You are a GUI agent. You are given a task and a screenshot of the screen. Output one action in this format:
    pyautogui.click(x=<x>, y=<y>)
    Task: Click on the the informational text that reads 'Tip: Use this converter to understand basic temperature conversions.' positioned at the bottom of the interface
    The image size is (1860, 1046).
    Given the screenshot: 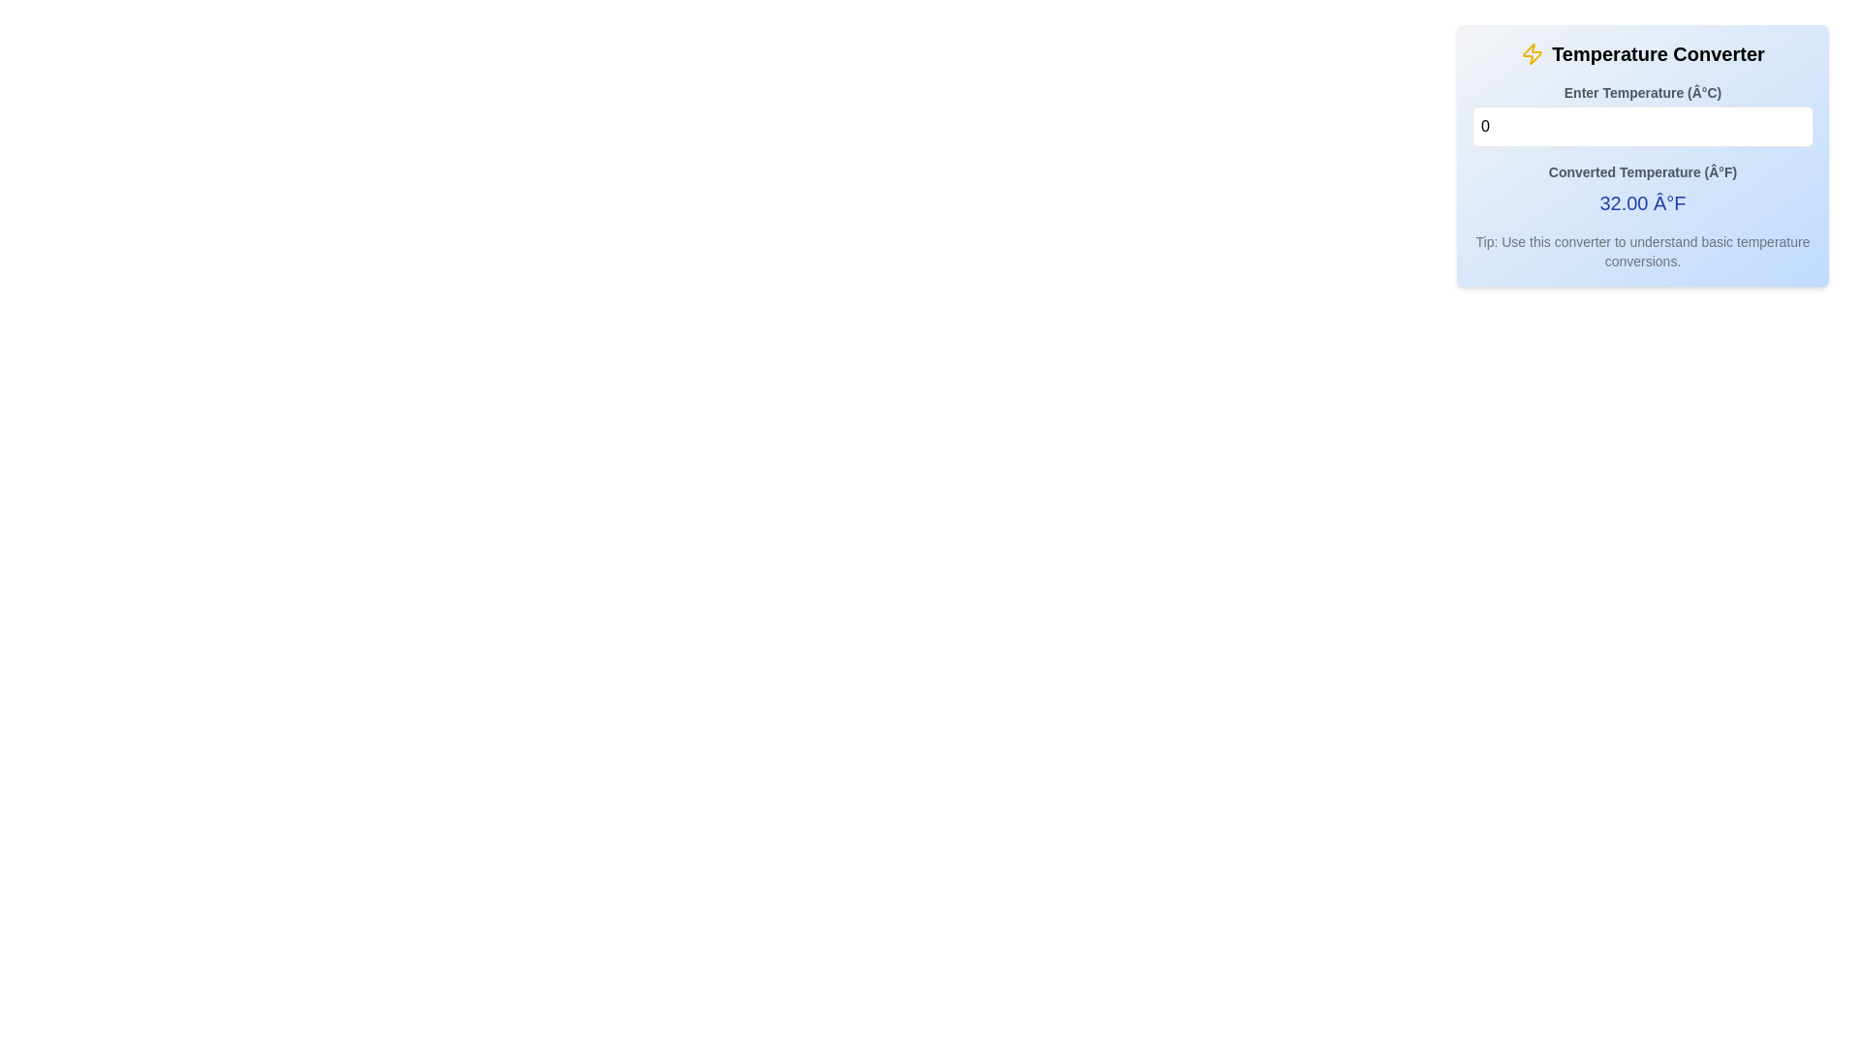 What is the action you would take?
    pyautogui.click(x=1641, y=250)
    